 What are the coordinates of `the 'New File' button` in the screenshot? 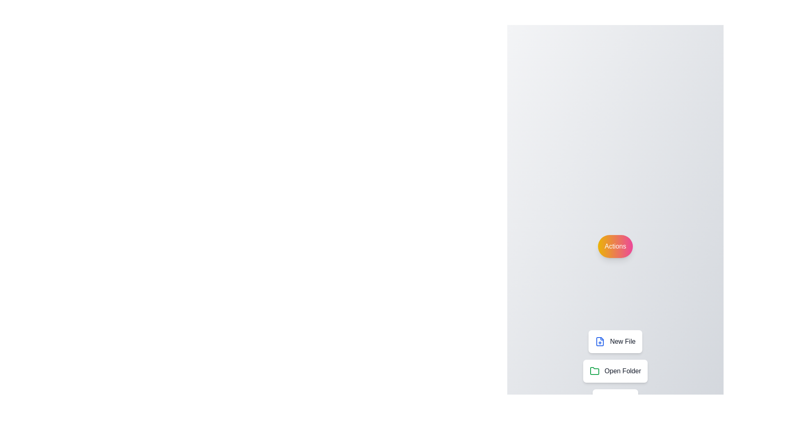 It's located at (615, 342).